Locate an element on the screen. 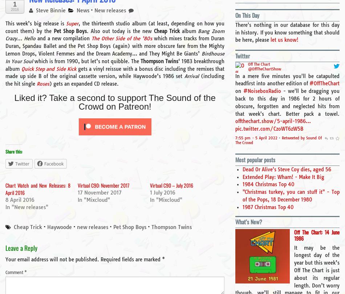 The width and height of the screenshot is (345, 294). '(including the hit single' is located at coordinates (114, 79).